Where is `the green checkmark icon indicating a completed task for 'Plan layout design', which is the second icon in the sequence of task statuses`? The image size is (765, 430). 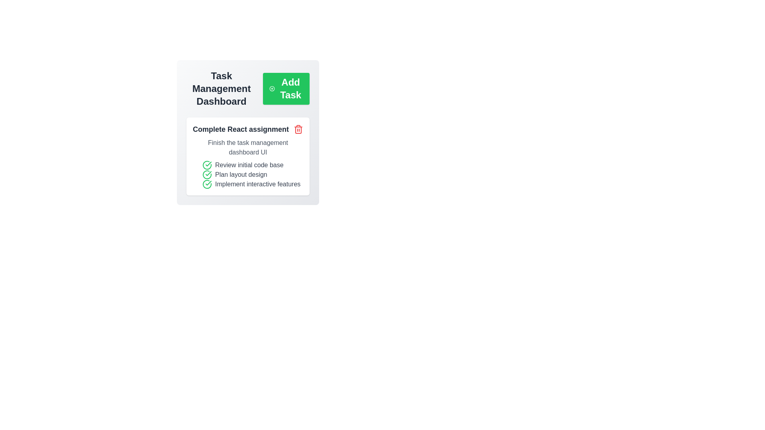 the green checkmark icon indicating a completed task for 'Plan layout design', which is the second icon in the sequence of task statuses is located at coordinates (208, 164).